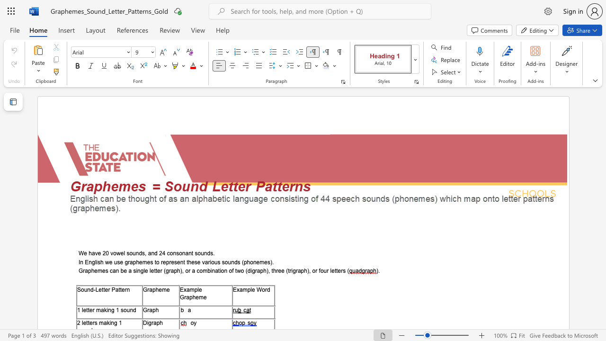 This screenshot has height=341, width=606. I want to click on the subset text "ve 20 vowel sounds, a" within the text "We have 20 vowel sounds, and 24 consonant sounds.", so click(95, 253).